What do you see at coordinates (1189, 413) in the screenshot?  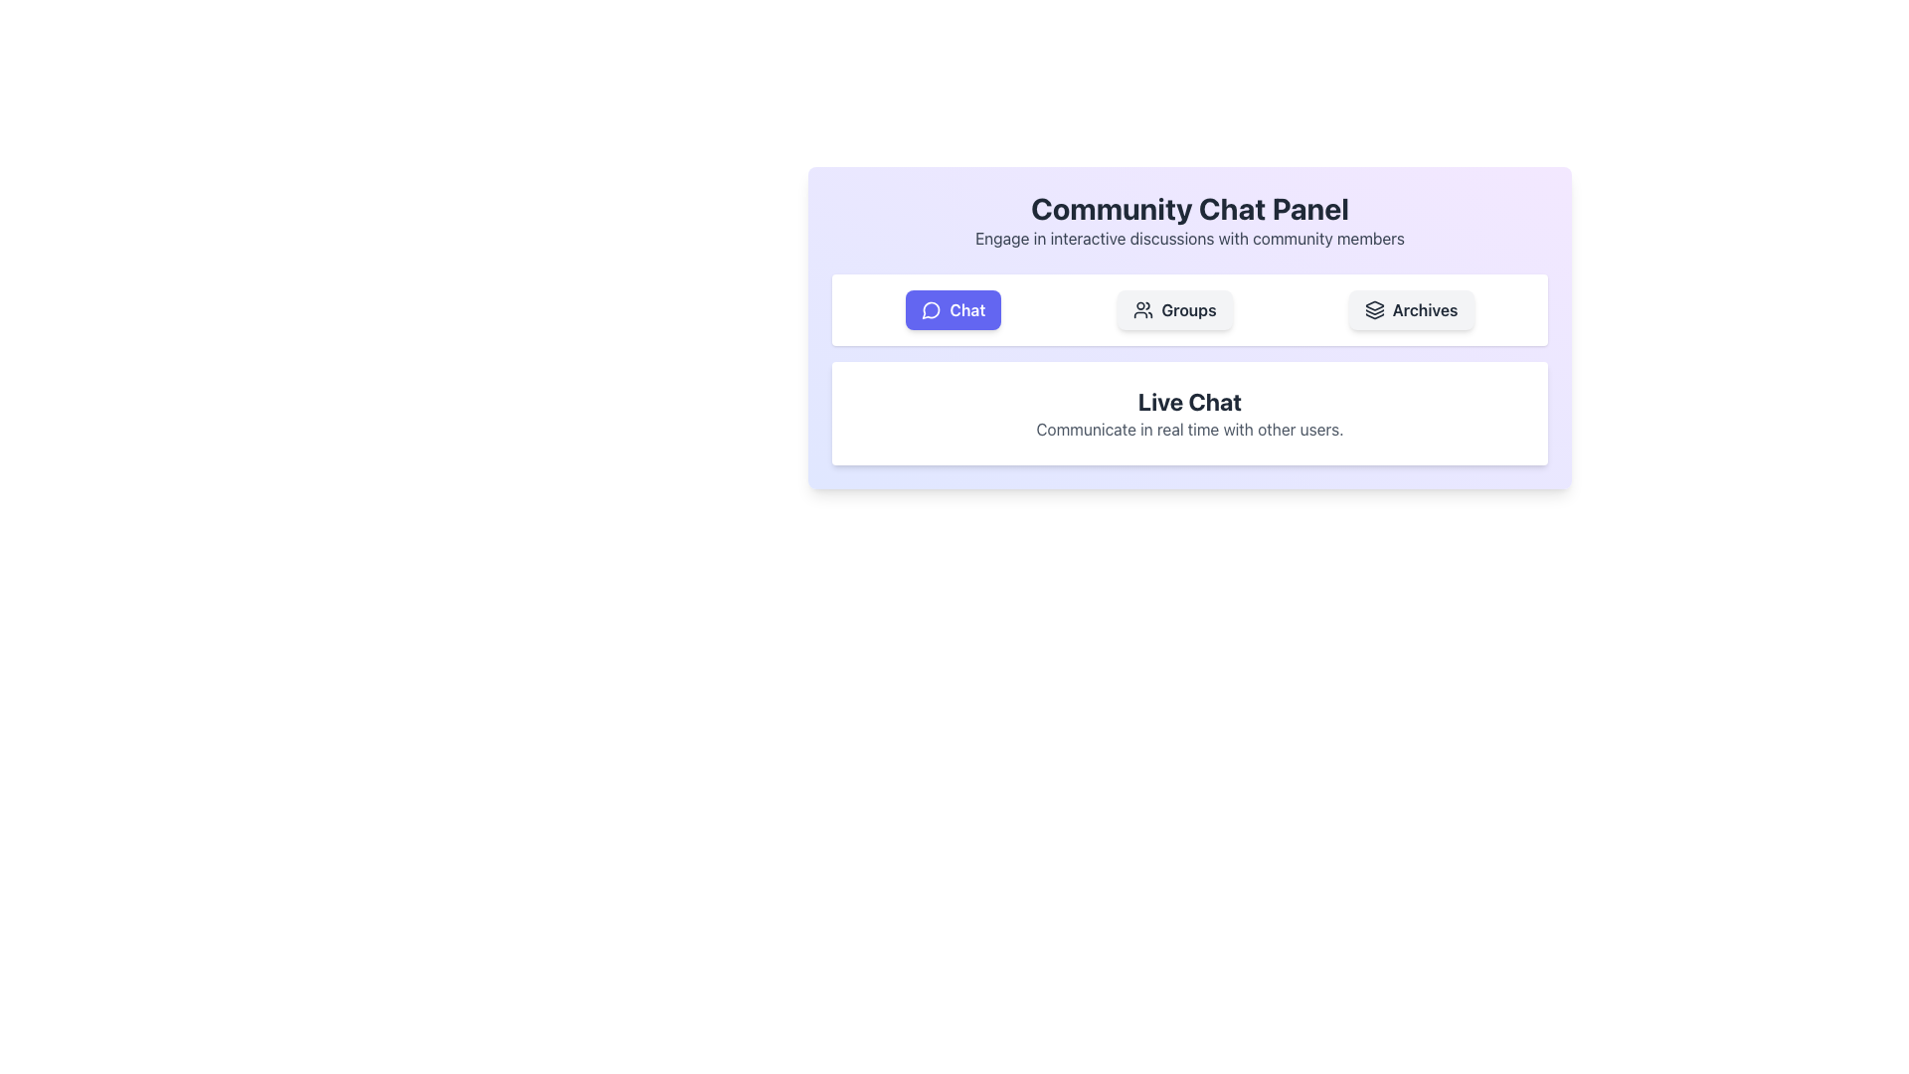 I see `the 'Live Chat' informational card element, which has a white background, rounded corners, and contains the text 'Live Chat' in bold dark gray and 'Communicate in real time with other users.' in lighter gray` at bounding box center [1189, 413].